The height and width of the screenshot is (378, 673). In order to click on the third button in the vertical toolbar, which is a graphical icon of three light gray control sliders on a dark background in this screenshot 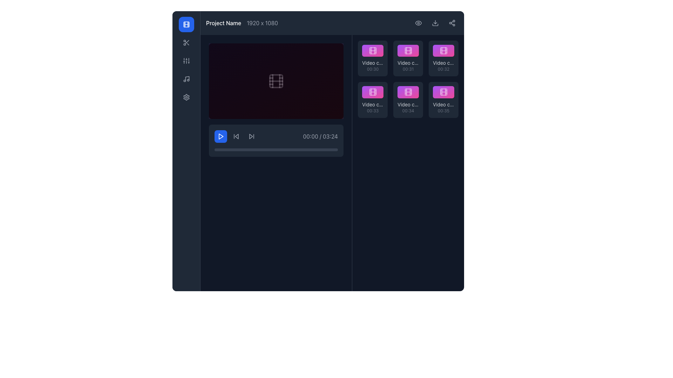, I will do `click(186, 60)`.